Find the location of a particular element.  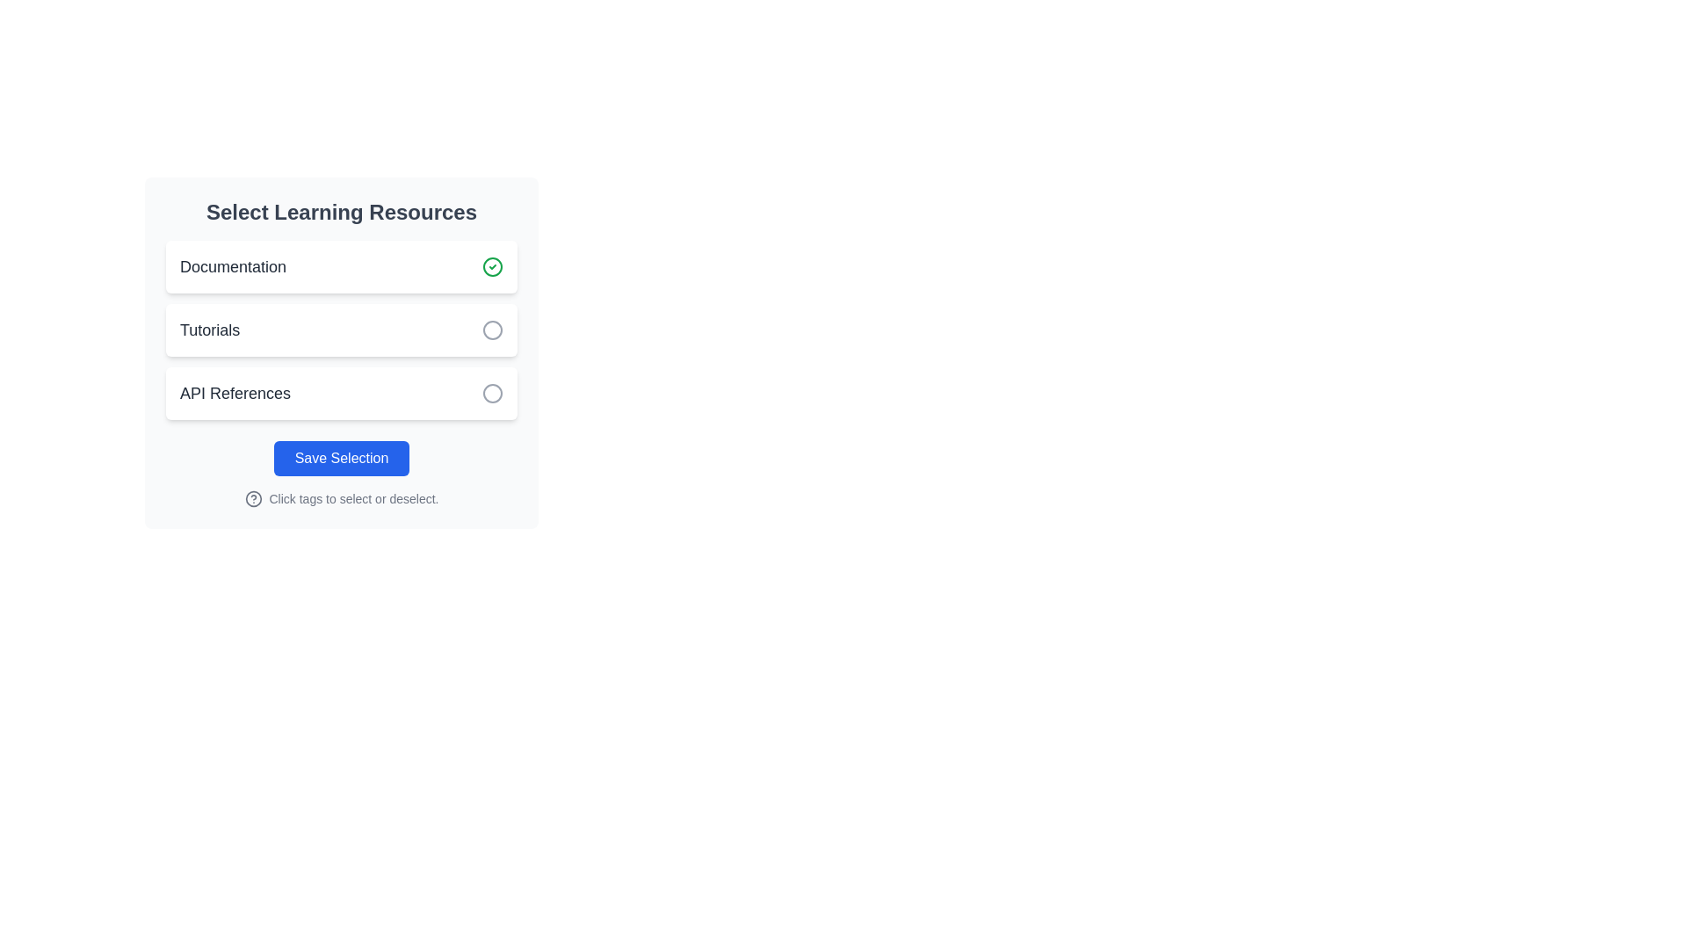

the small circular help icon with a question mark symbol, which is positioned to the left of the text 'Click tags to select or deselect.' is located at coordinates (252, 498).